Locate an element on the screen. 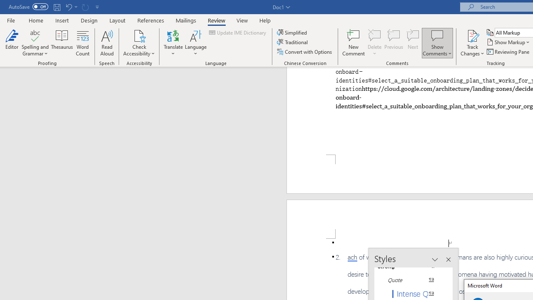  'Check Accessibility' is located at coordinates (139, 43).